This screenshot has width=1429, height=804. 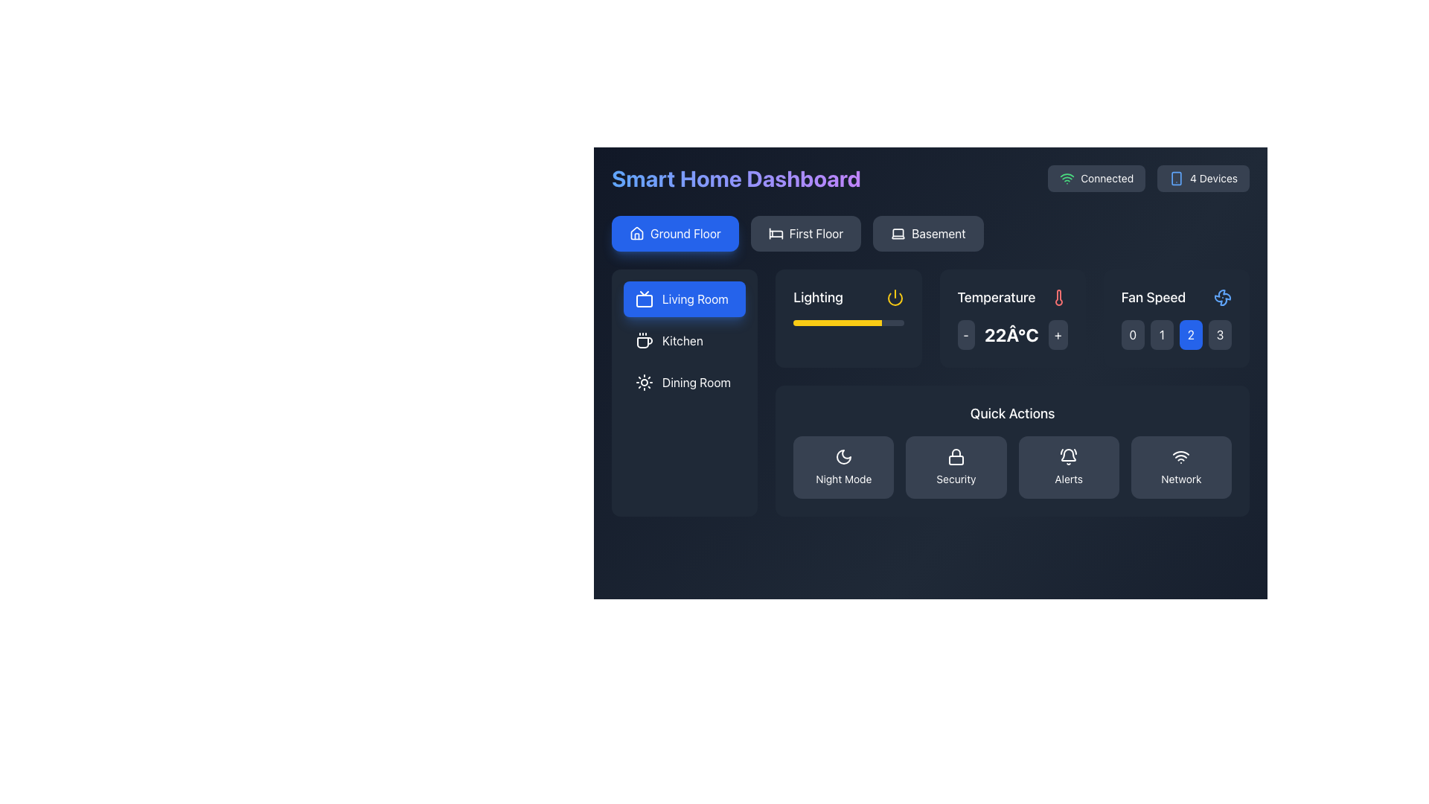 I want to click on the decorative fan icon located in the top right corner of the 'Fan Speed' panel, adjacent to the selectable fan speed numbers, so click(x=1222, y=298).